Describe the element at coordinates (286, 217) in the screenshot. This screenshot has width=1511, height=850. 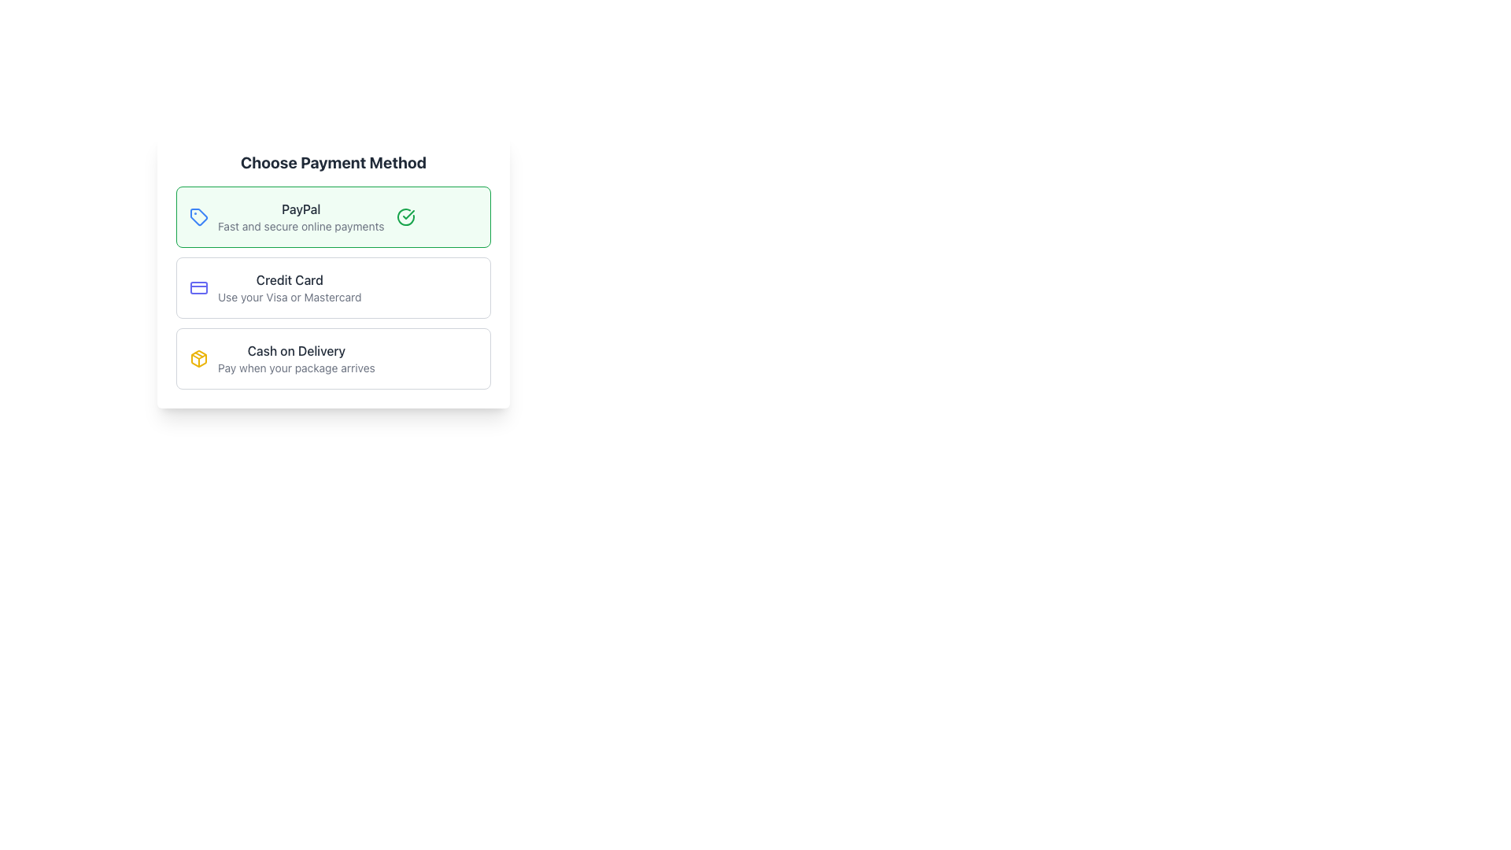
I see `the selection row titled 'PayPal' with the tagline 'Fast and secure online payments'` at that location.